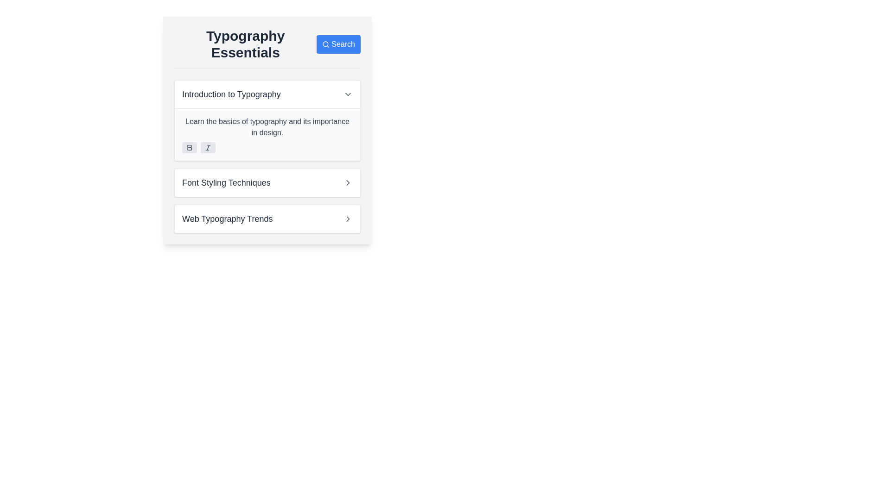 The width and height of the screenshot is (890, 500). I want to click on the text label 'Search' within the button located in the top-right corner of the 'Typography Essentials' panel, so click(343, 44).